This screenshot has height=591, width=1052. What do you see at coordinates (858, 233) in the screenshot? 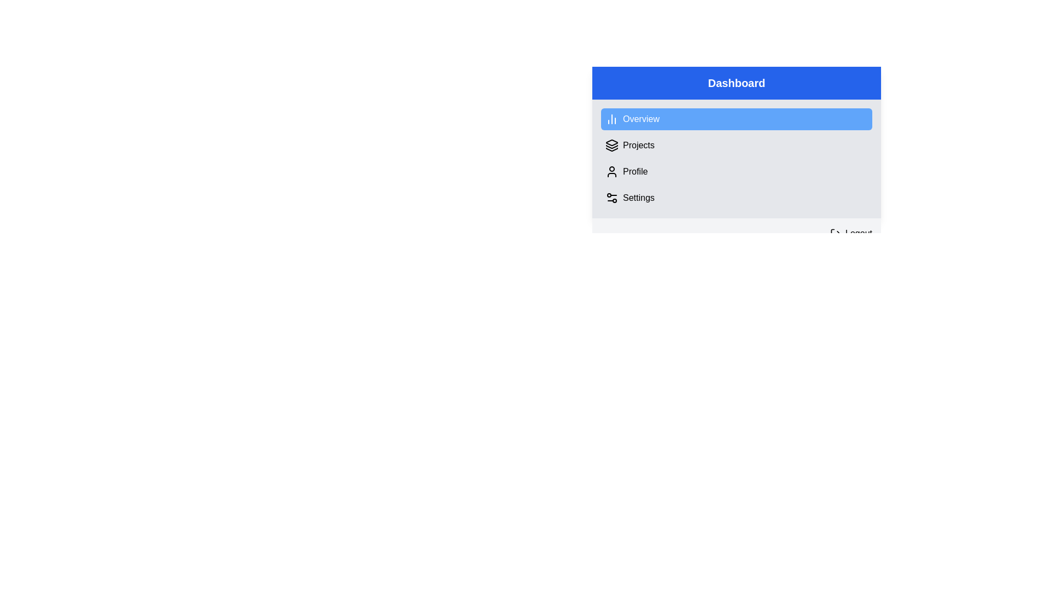
I see `the logout text label located at the bottom right of the 'Dashboard' panel` at bounding box center [858, 233].